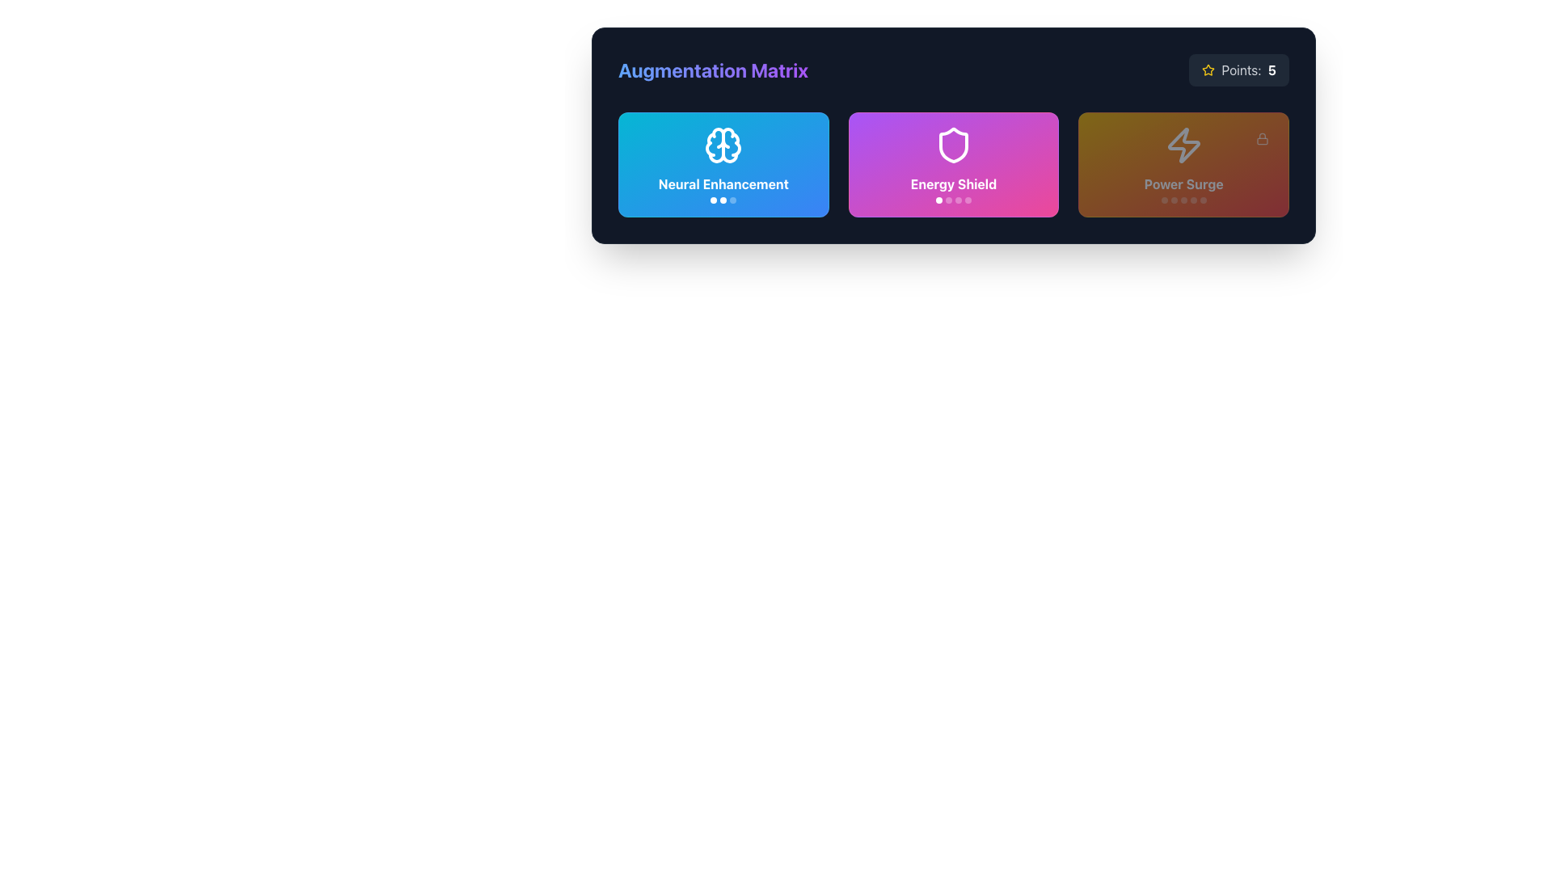 Image resolution: width=1552 pixels, height=873 pixels. What do you see at coordinates (954, 188) in the screenshot?
I see `the 'Energy Shield' text label, which is in bold white font centered within a purple gradient box in the 'Augmentation Matrix' section` at bounding box center [954, 188].